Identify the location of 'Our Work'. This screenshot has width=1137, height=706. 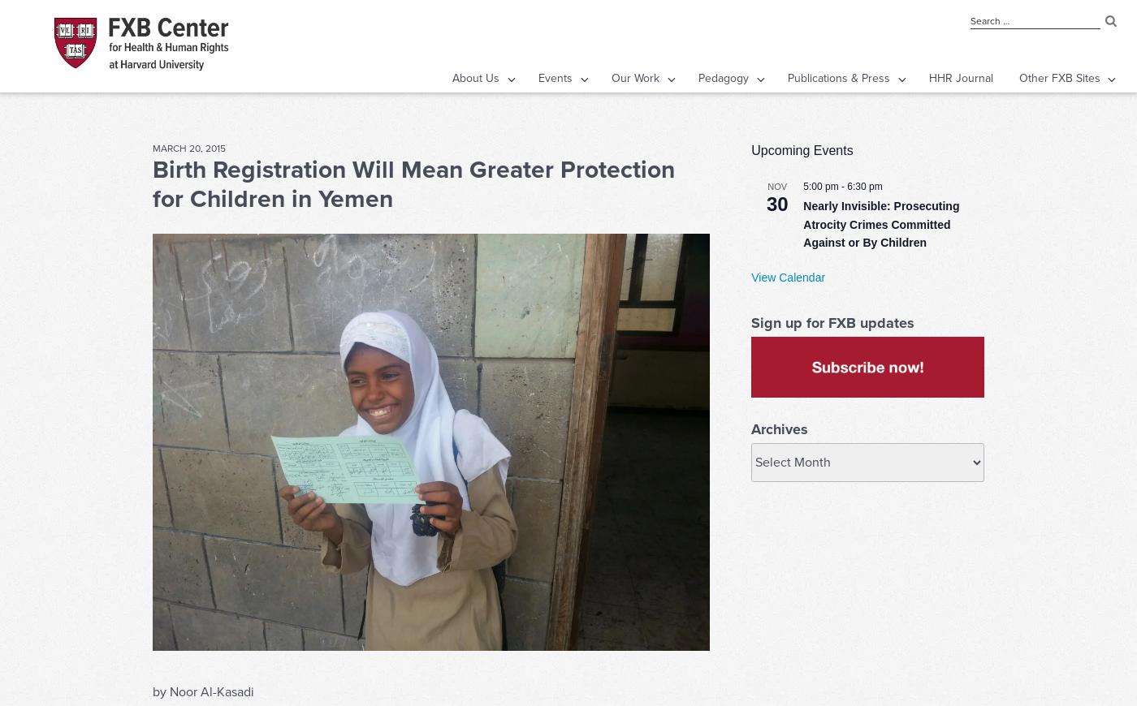
(634, 87).